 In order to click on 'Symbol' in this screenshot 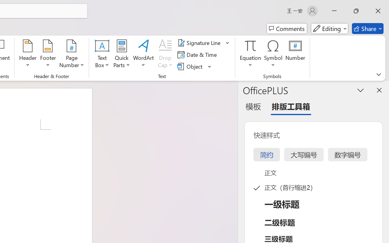, I will do `click(273, 54)`.